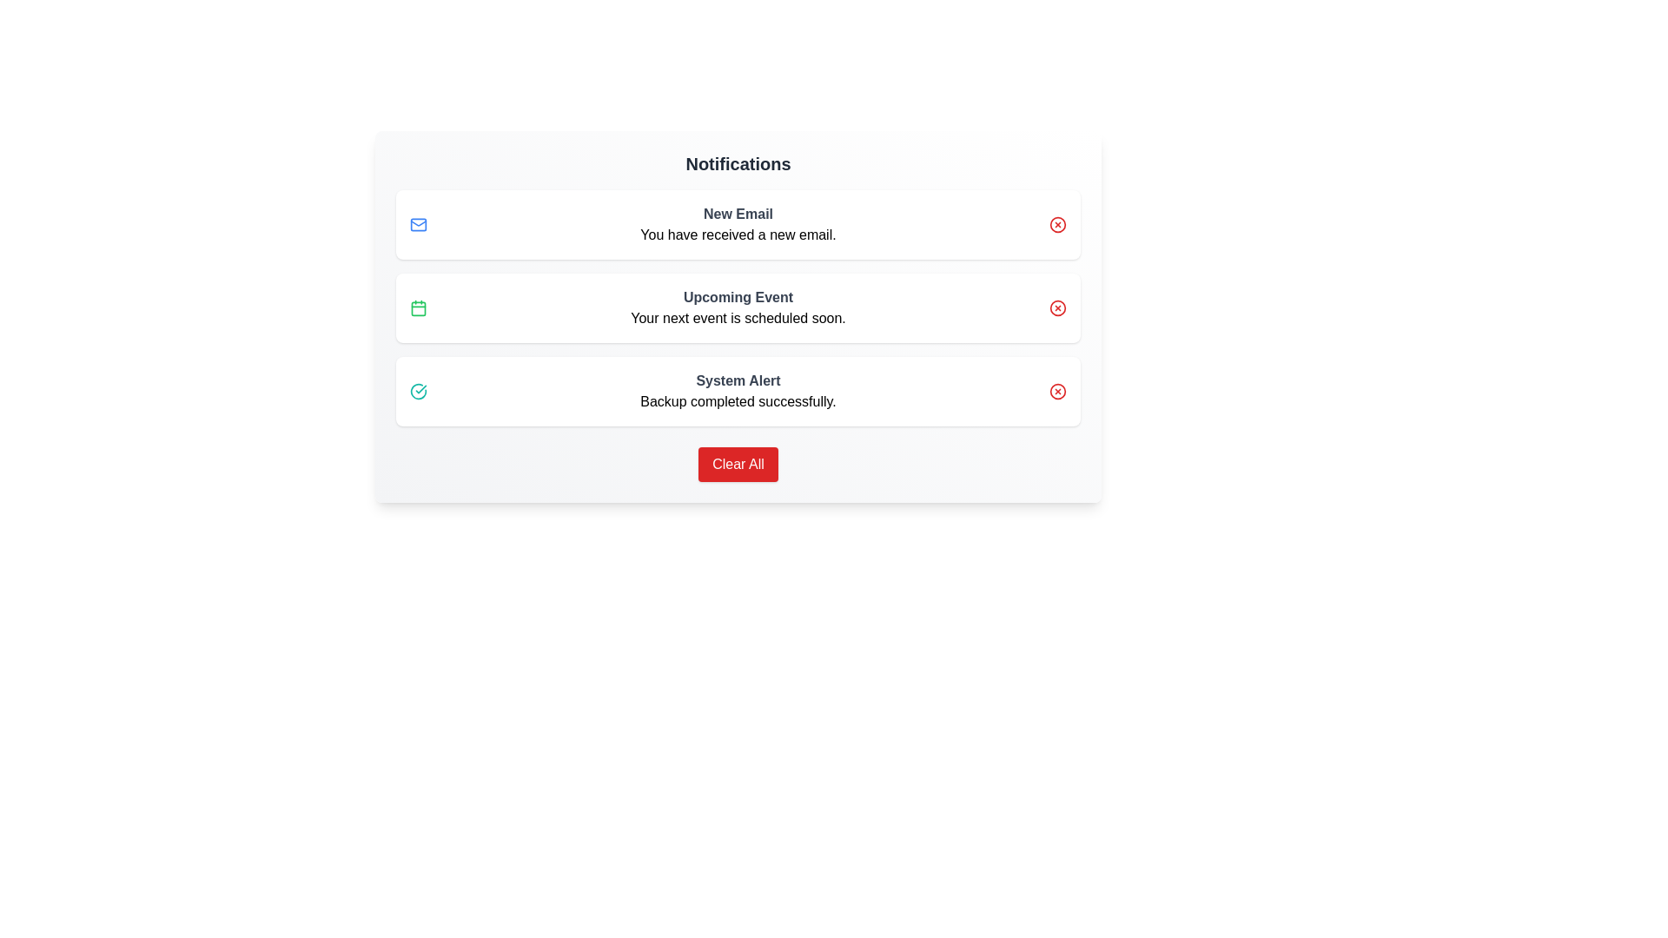 This screenshot has width=1668, height=938. Describe the element at coordinates (418, 223) in the screenshot. I see `the email notification icon located at the leftmost end of the 'New Email' notification card` at that location.